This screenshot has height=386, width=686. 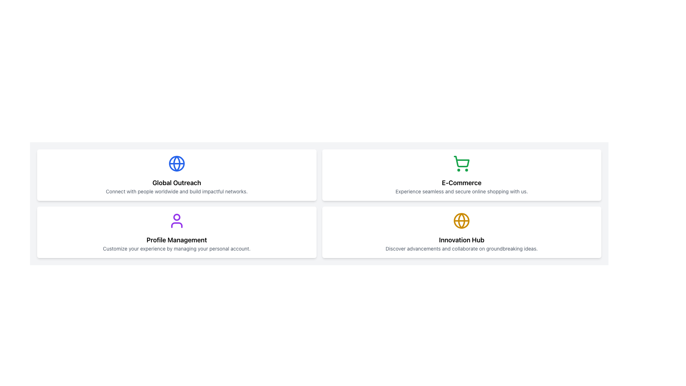 I want to click on the internal structure of the green shopping cart icon in the 'E-Commerce' section, which is prominently positioned above the title and centrally aligned with the panel's content, so click(x=462, y=162).